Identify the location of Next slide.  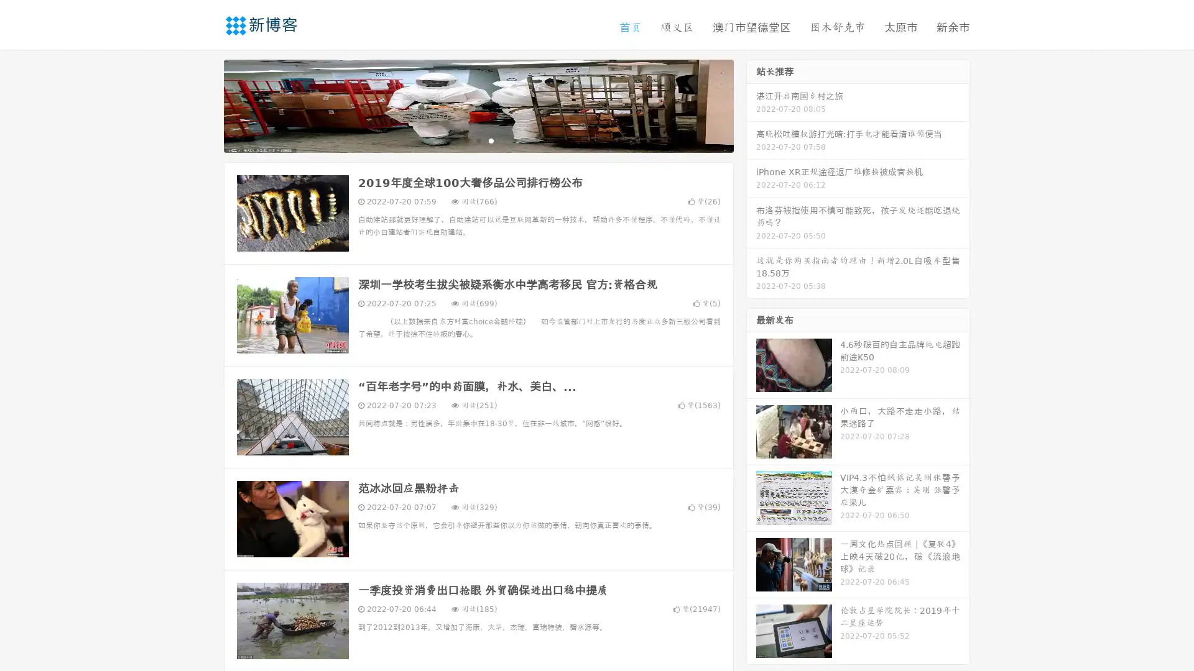
(751, 104).